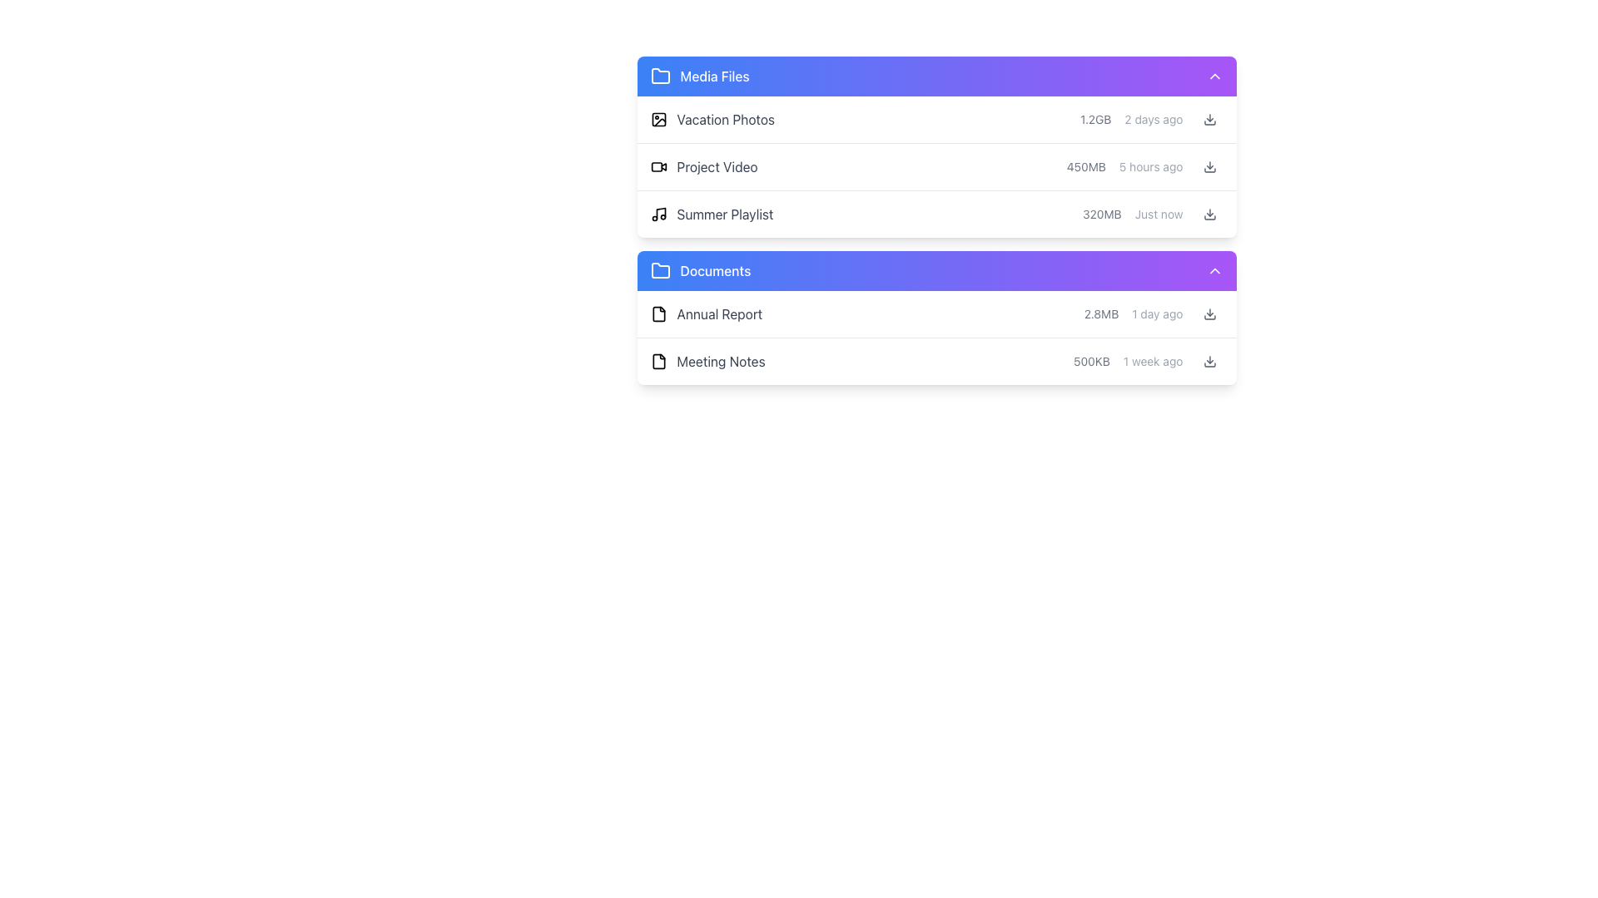 The image size is (1598, 898). Describe the element at coordinates (658, 118) in the screenshot. I see `the icon indicating 'Vacation Photos' for additional options` at that location.